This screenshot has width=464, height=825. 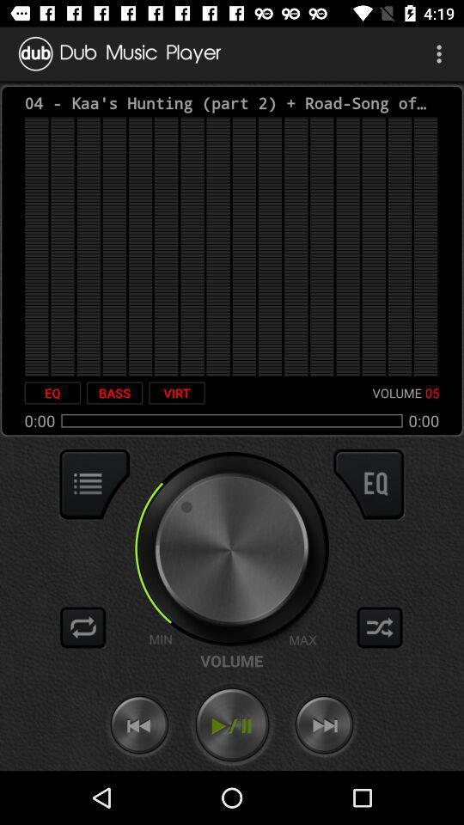 I want to click on hidden menu option, so click(x=95, y=484).